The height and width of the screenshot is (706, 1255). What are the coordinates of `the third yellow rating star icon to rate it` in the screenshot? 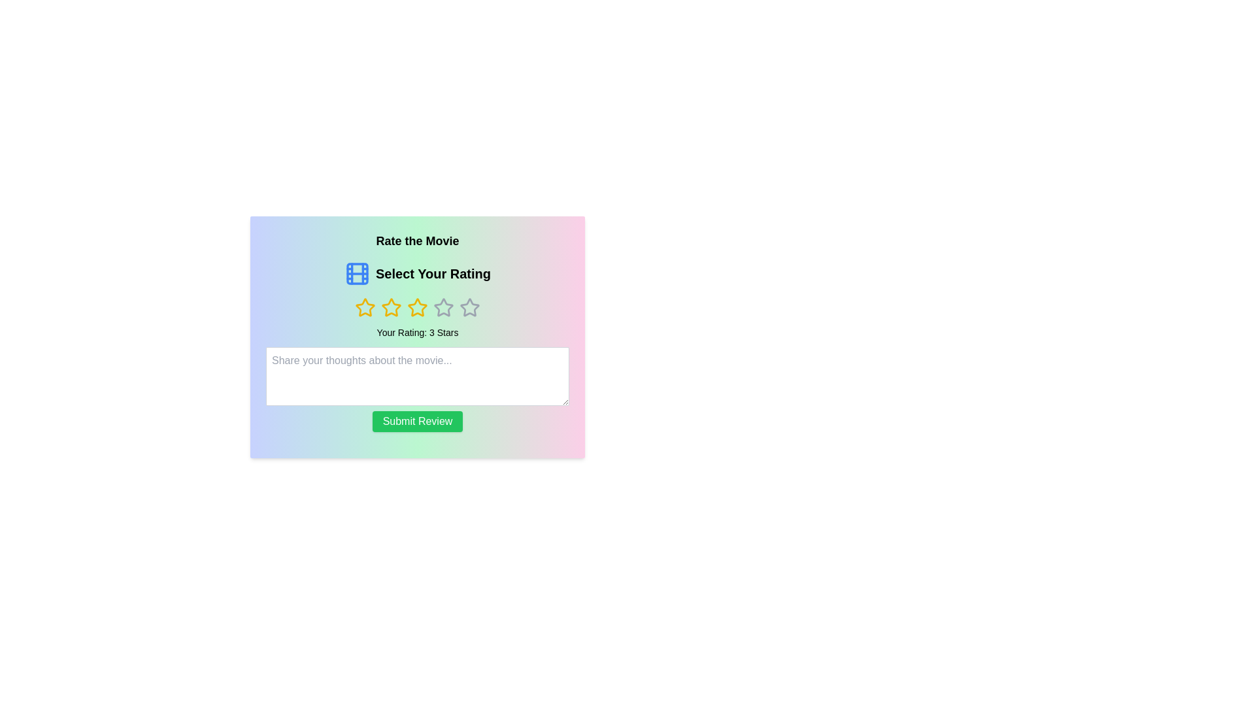 It's located at (391, 307).